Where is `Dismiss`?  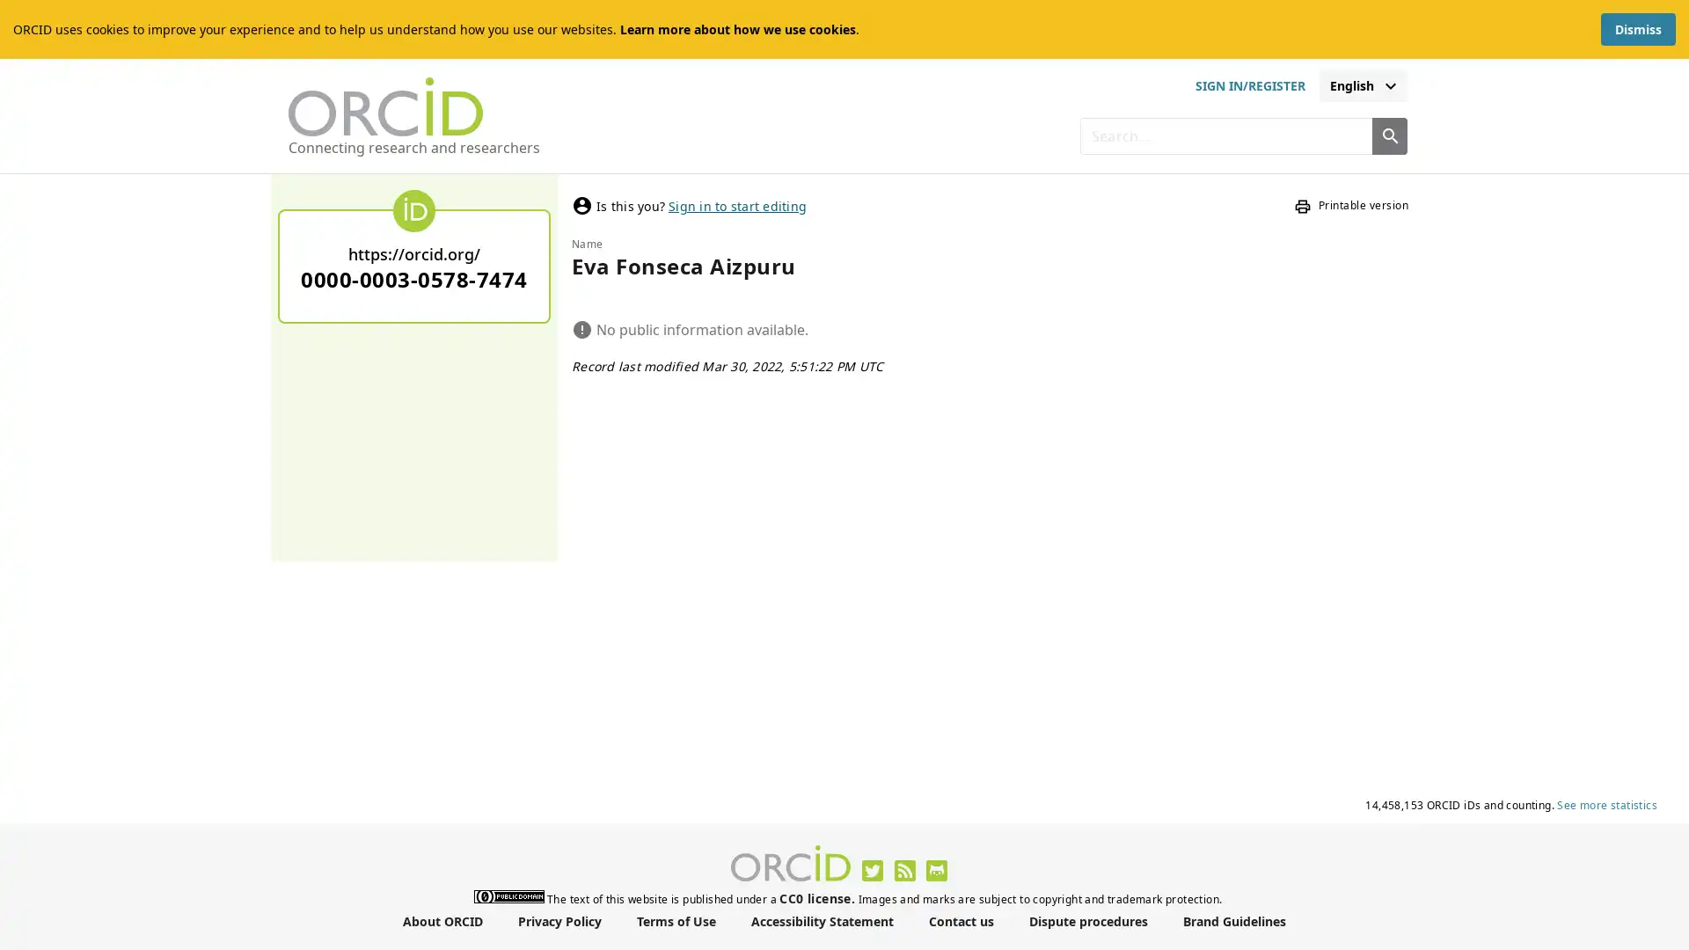
Dismiss is located at coordinates (1637, 29).